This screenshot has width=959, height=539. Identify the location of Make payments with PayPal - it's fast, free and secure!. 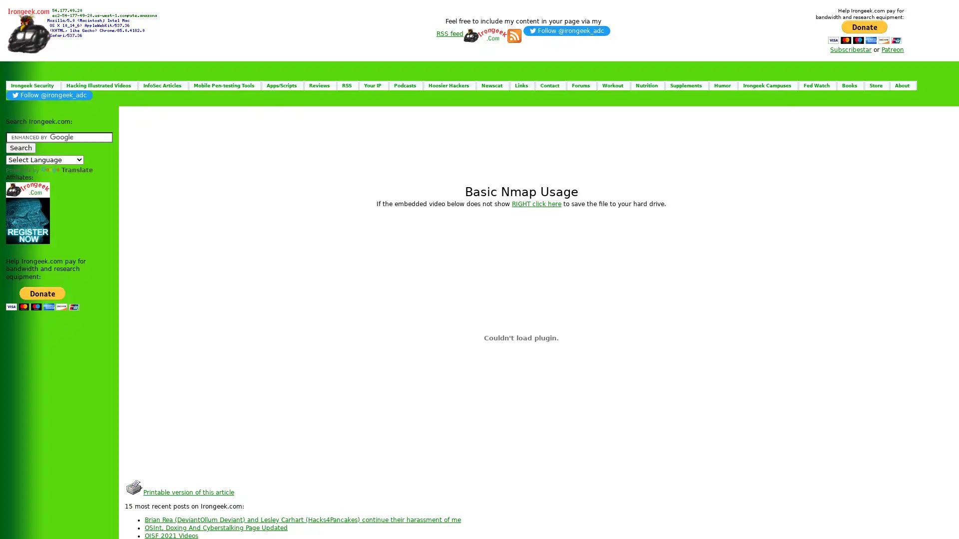
(864, 31).